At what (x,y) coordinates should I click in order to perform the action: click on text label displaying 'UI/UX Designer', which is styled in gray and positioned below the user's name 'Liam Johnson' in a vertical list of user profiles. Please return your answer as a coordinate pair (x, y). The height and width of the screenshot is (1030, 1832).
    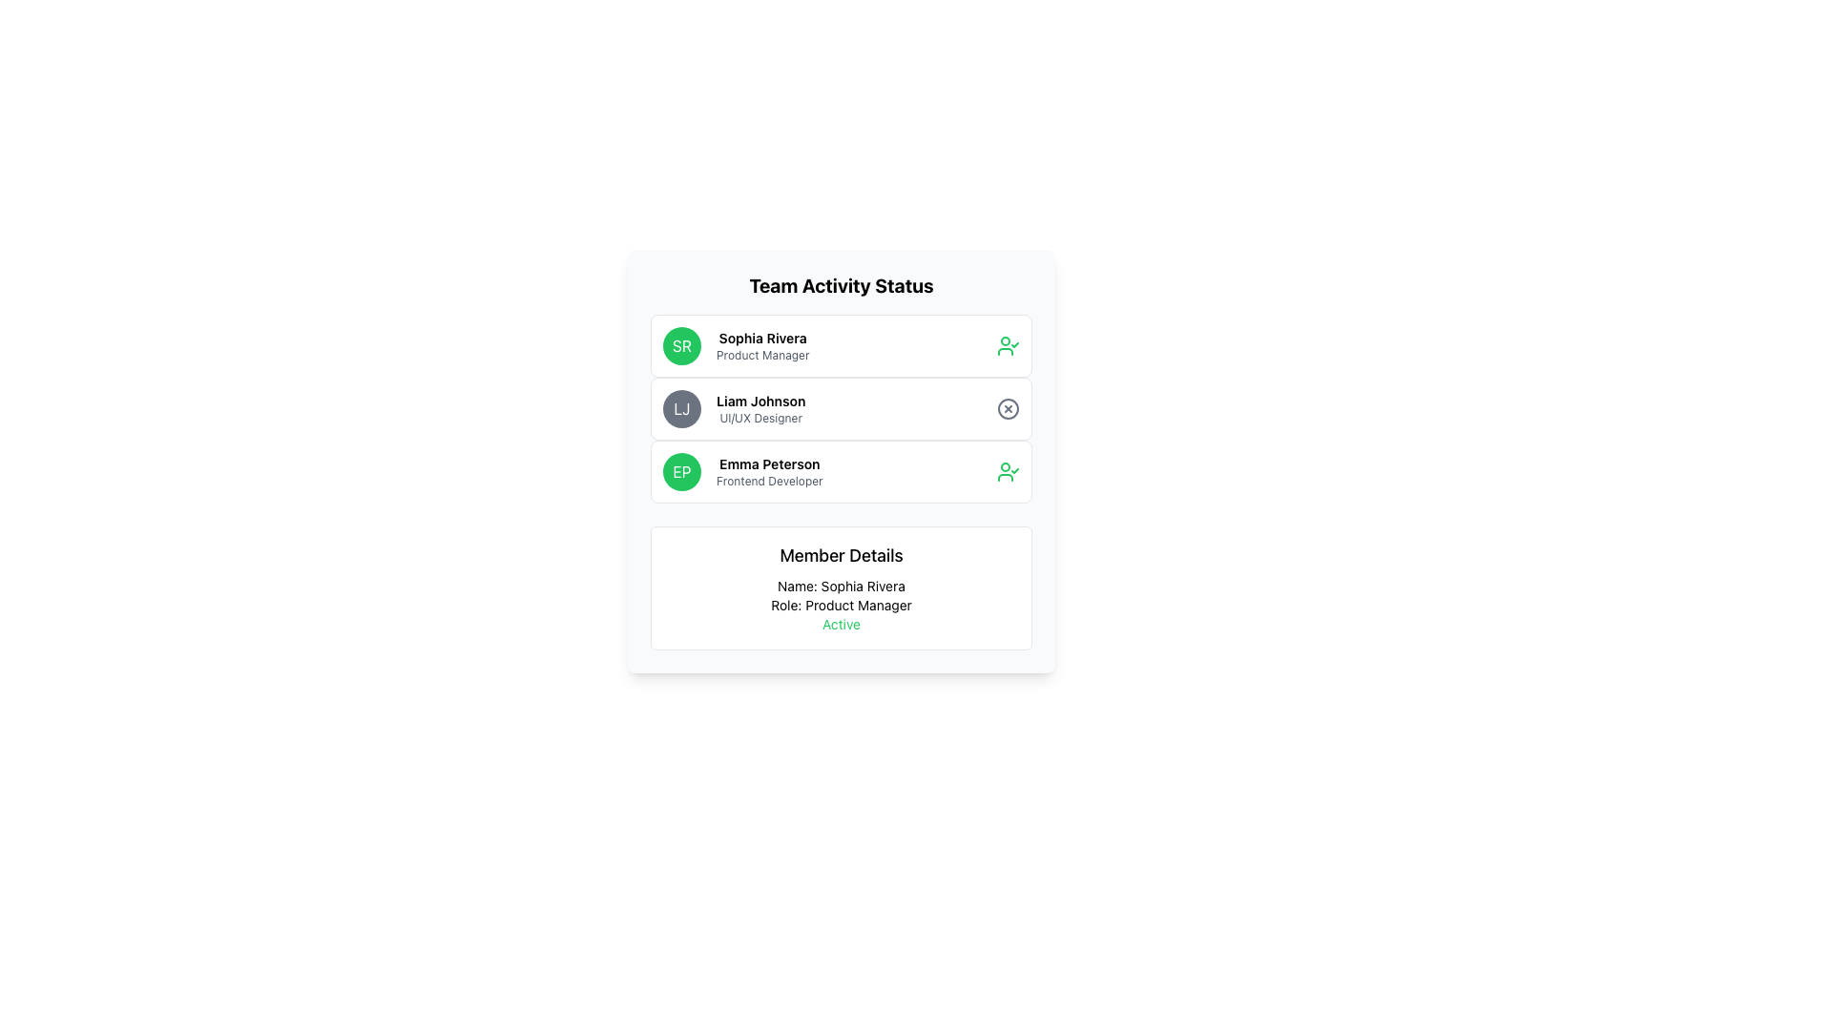
    Looking at the image, I should click on (760, 418).